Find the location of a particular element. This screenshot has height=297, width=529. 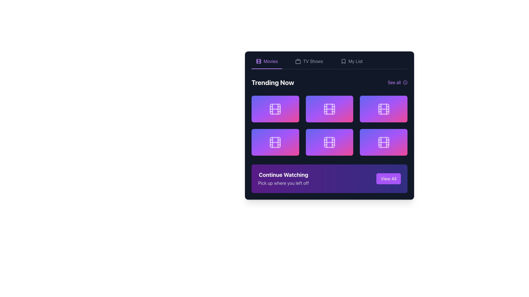

the Icon Cell, which represents a section of the film strip icon in the 'Trending Now' section of the grid interface is located at coordinates (275, 109).